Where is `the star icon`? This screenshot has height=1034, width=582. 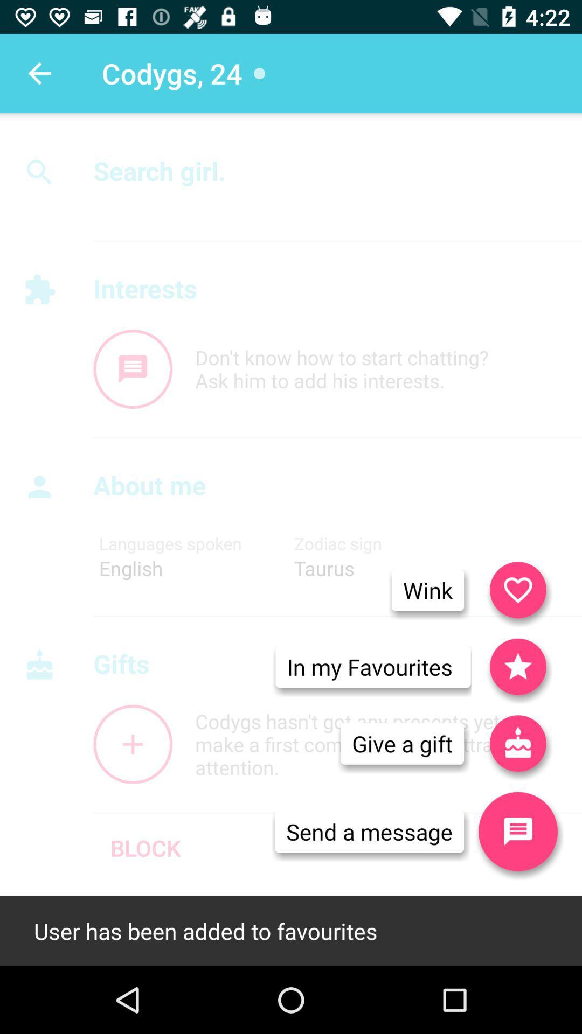
the star icon is located at coordinates (517, 666).